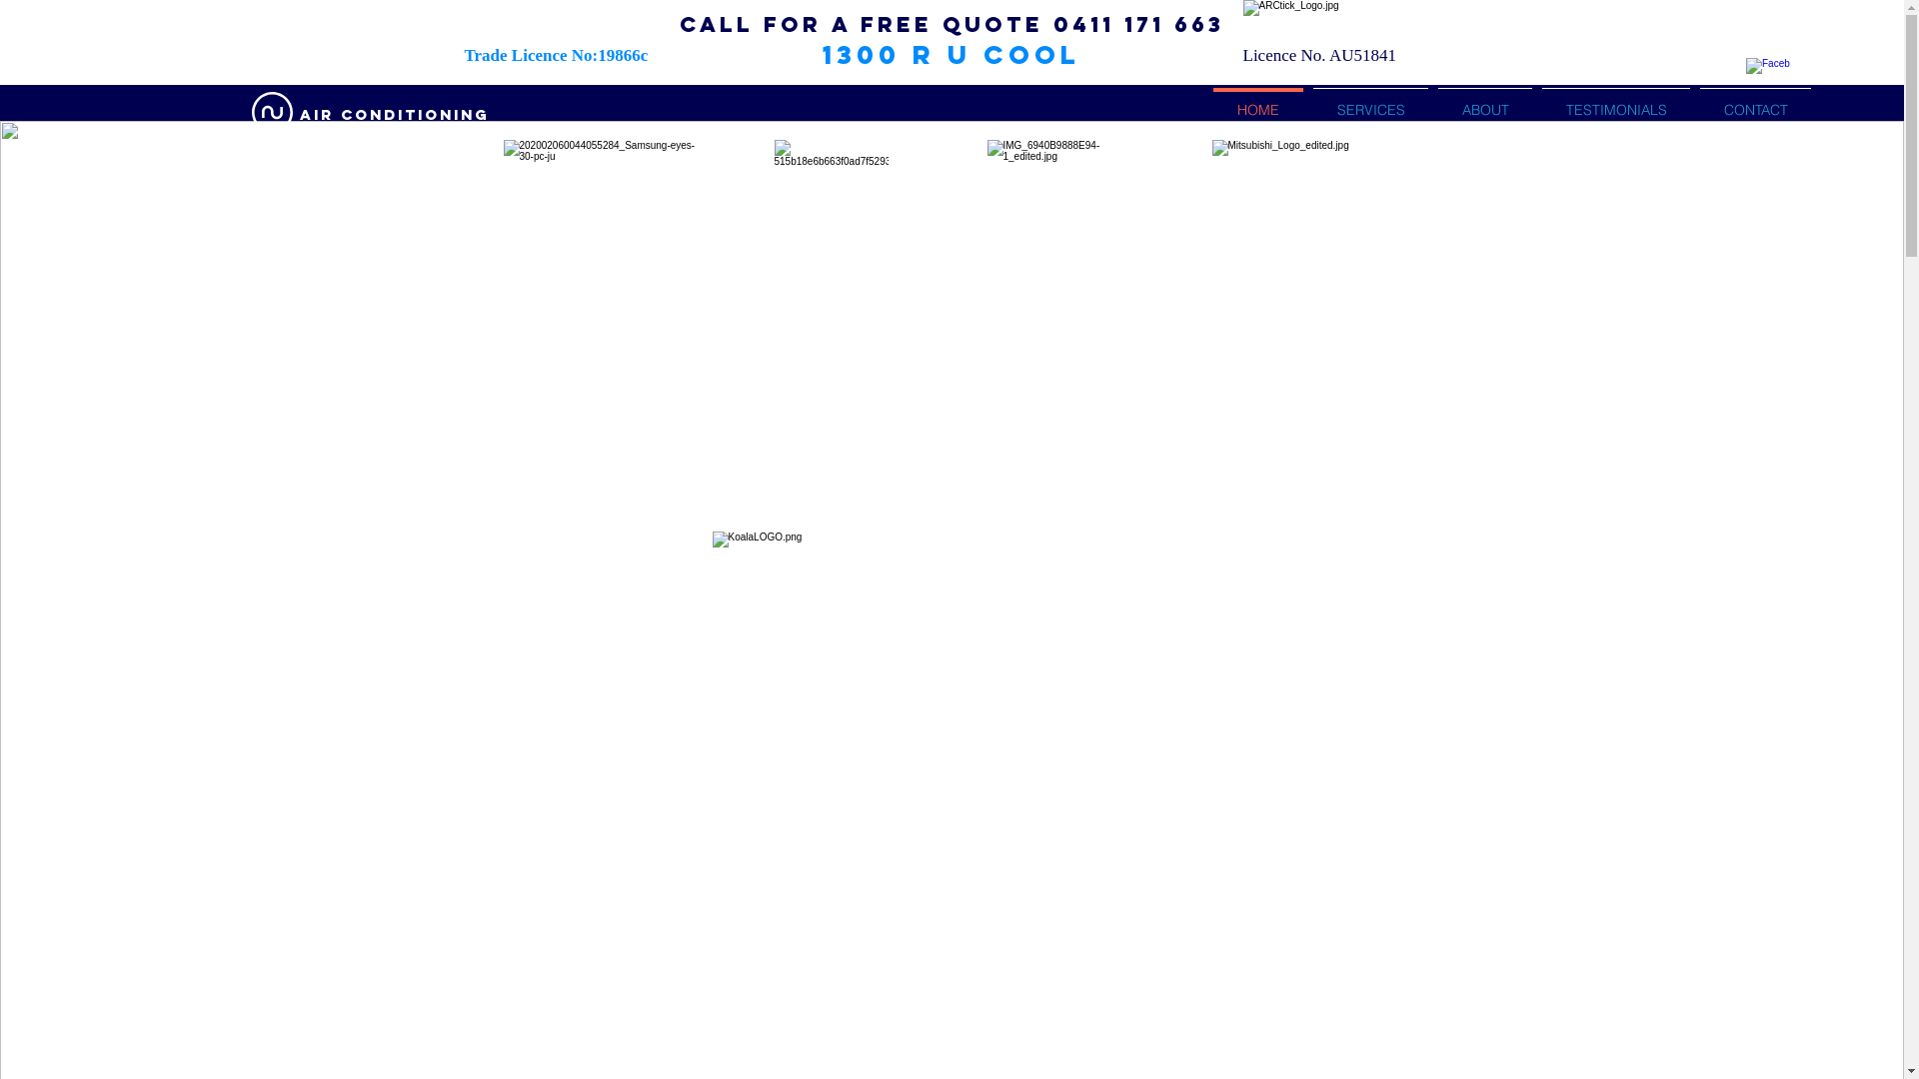 This screenshot has width=1919, height=1079. Describe the element at coordinates (1616, 101) in the screenshot. I see `'TESTIMONIALS'` at that location.